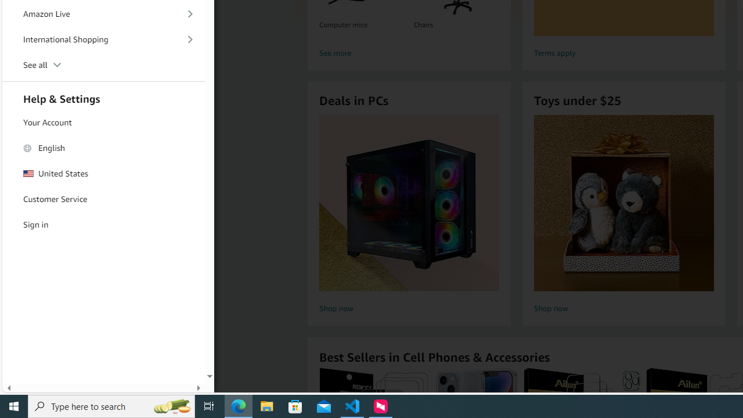  Describe the element at coordinates (104, 225) in the screenshot. I see `'Sign in'` at that location.